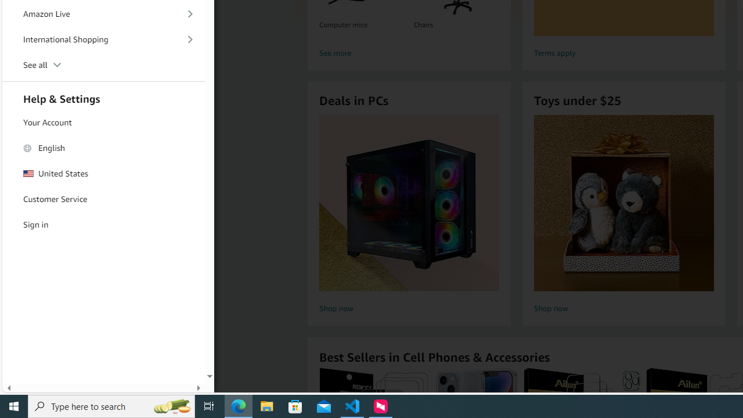  Describe the element at coordinates (104, 225) in the screenshot. I see `'Sign in'` at that location.